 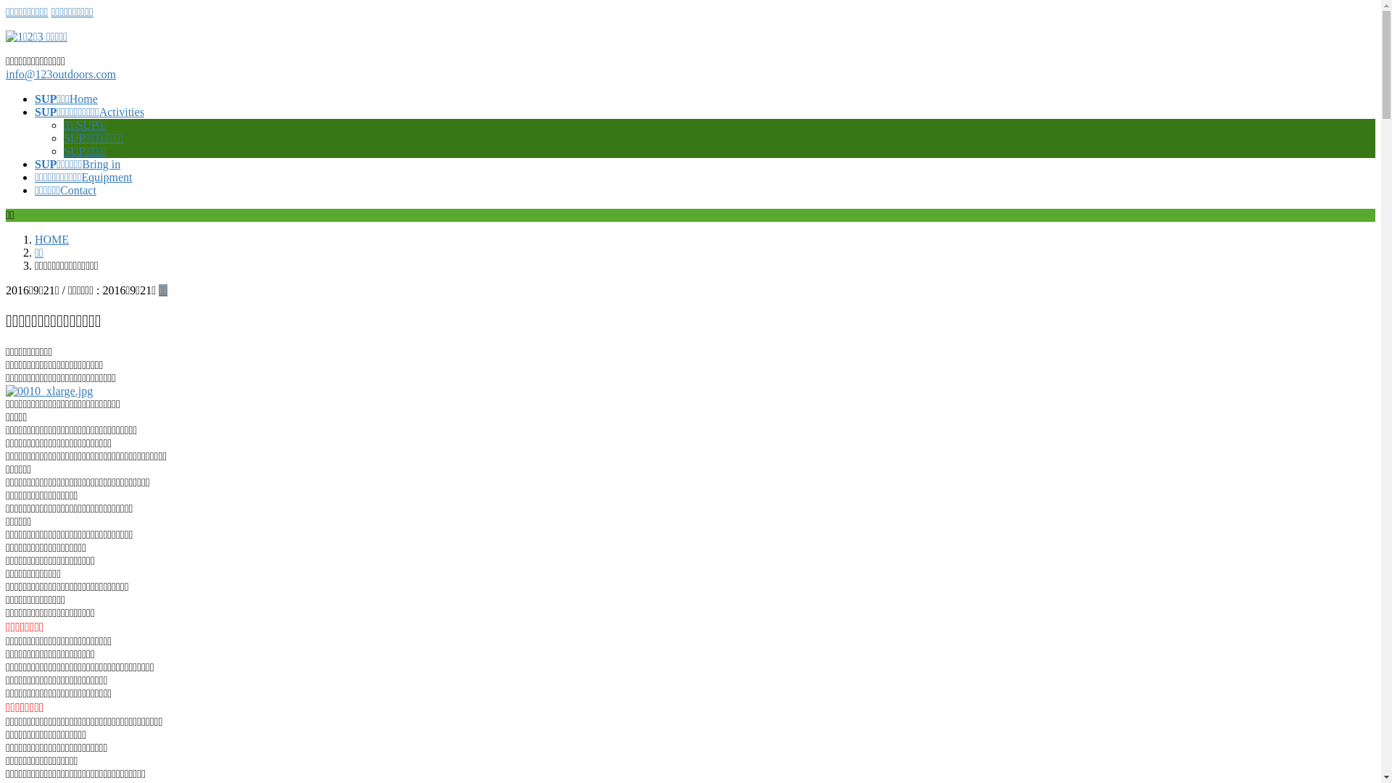 I want to click on 'info@123outdoors.com', so click(x=59, y=74).